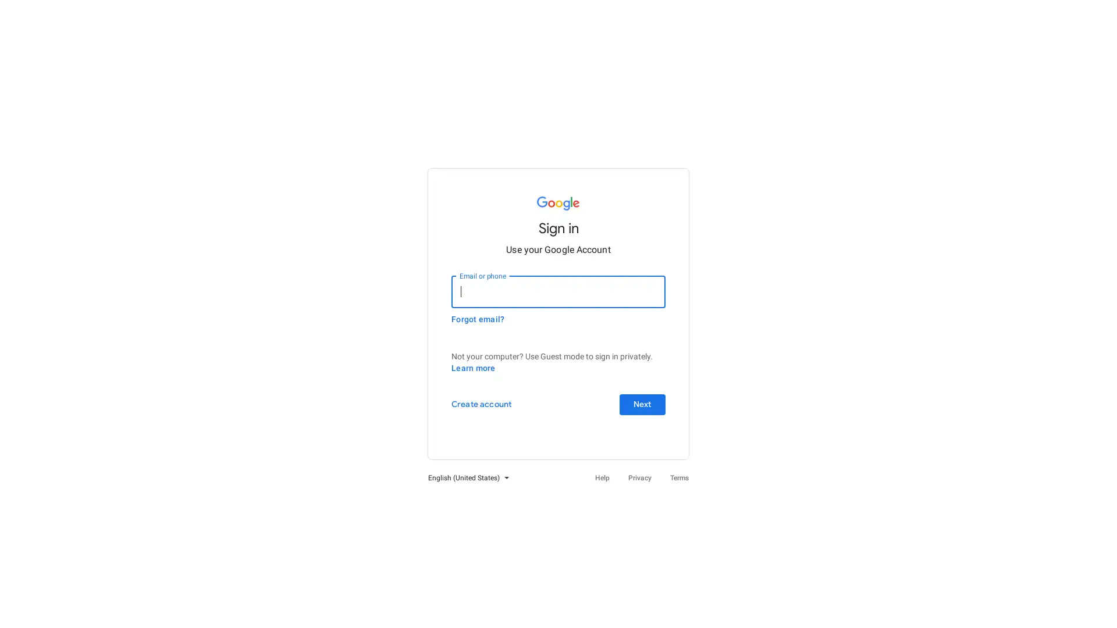 Image resolution: width=1117 pixels, height=628 pixels. Describe the element at coordinates (478, 318) in the screenshot. I see `Forgot email?` at that location.